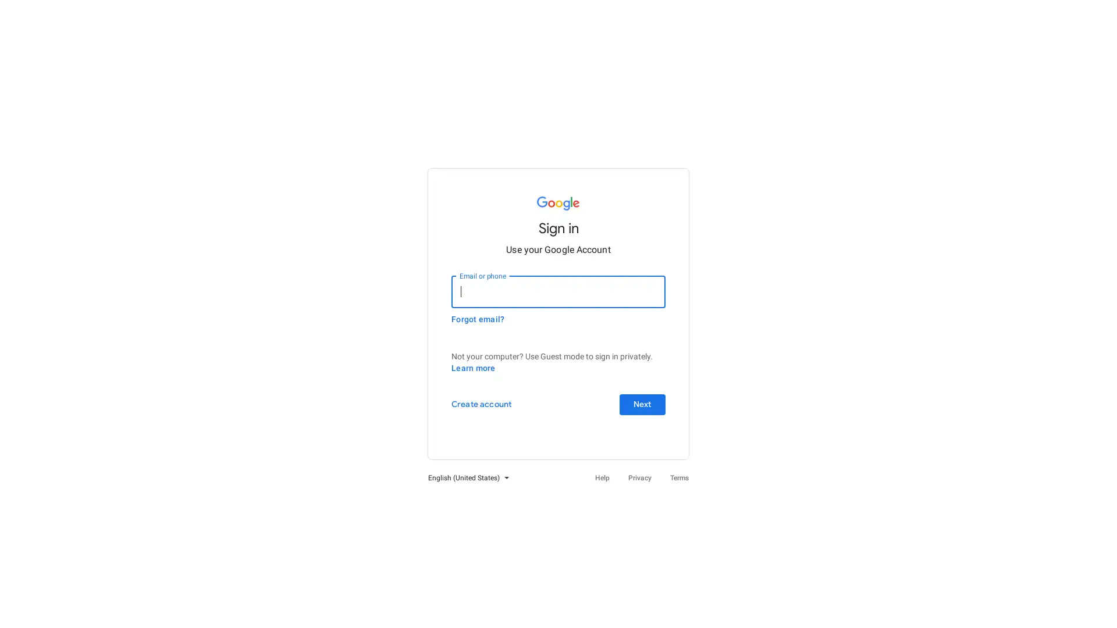 Image resolution: width=1117 pixels, height=628 pixels. Describe the element at coordinates (478, 318) in the screenshot. I see `Forgot email?` at that location.